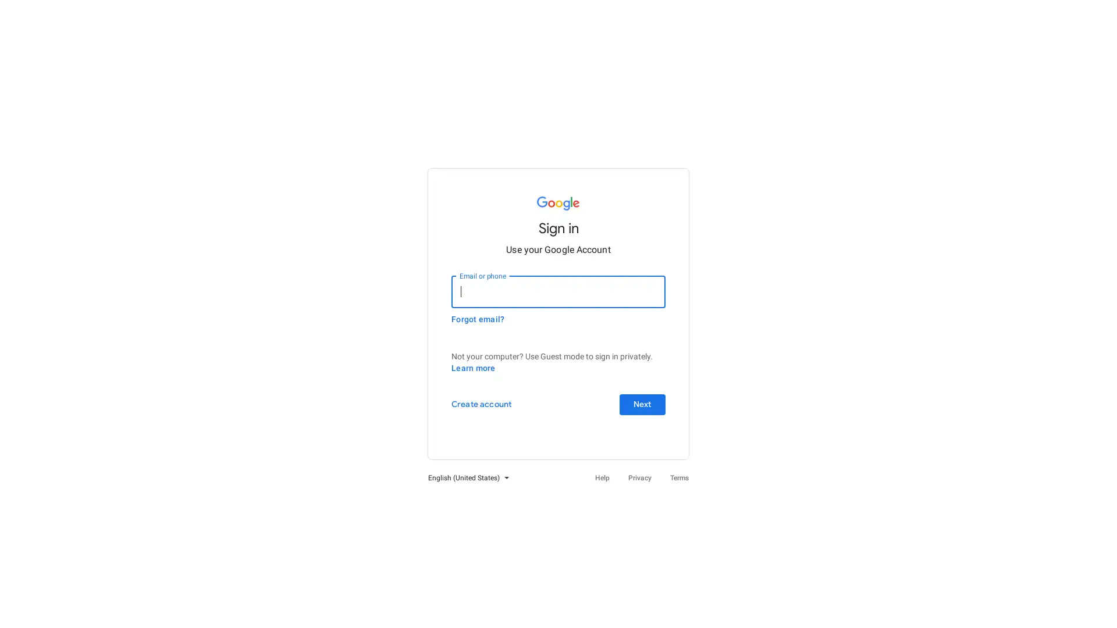 Image resolution: width=1117 pixels, height=628 pixels. Describe the element at coordinates (478, 318) in the screenshot. I see `Forgot email?` at that location.